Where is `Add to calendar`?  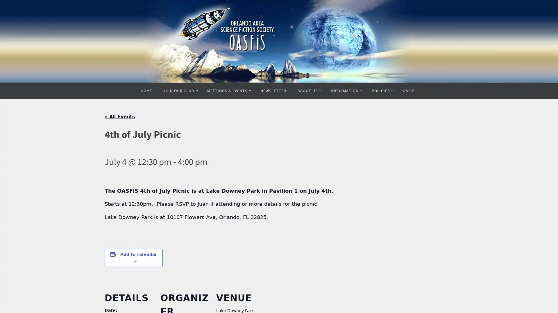
Add to calendar is located at coordinates (138, 254).